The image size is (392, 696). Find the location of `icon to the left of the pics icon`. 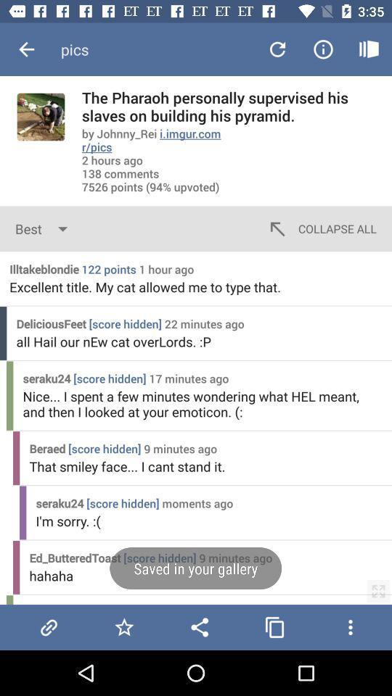

icon to the left of the pics icon is located at coordinates (26, 49).